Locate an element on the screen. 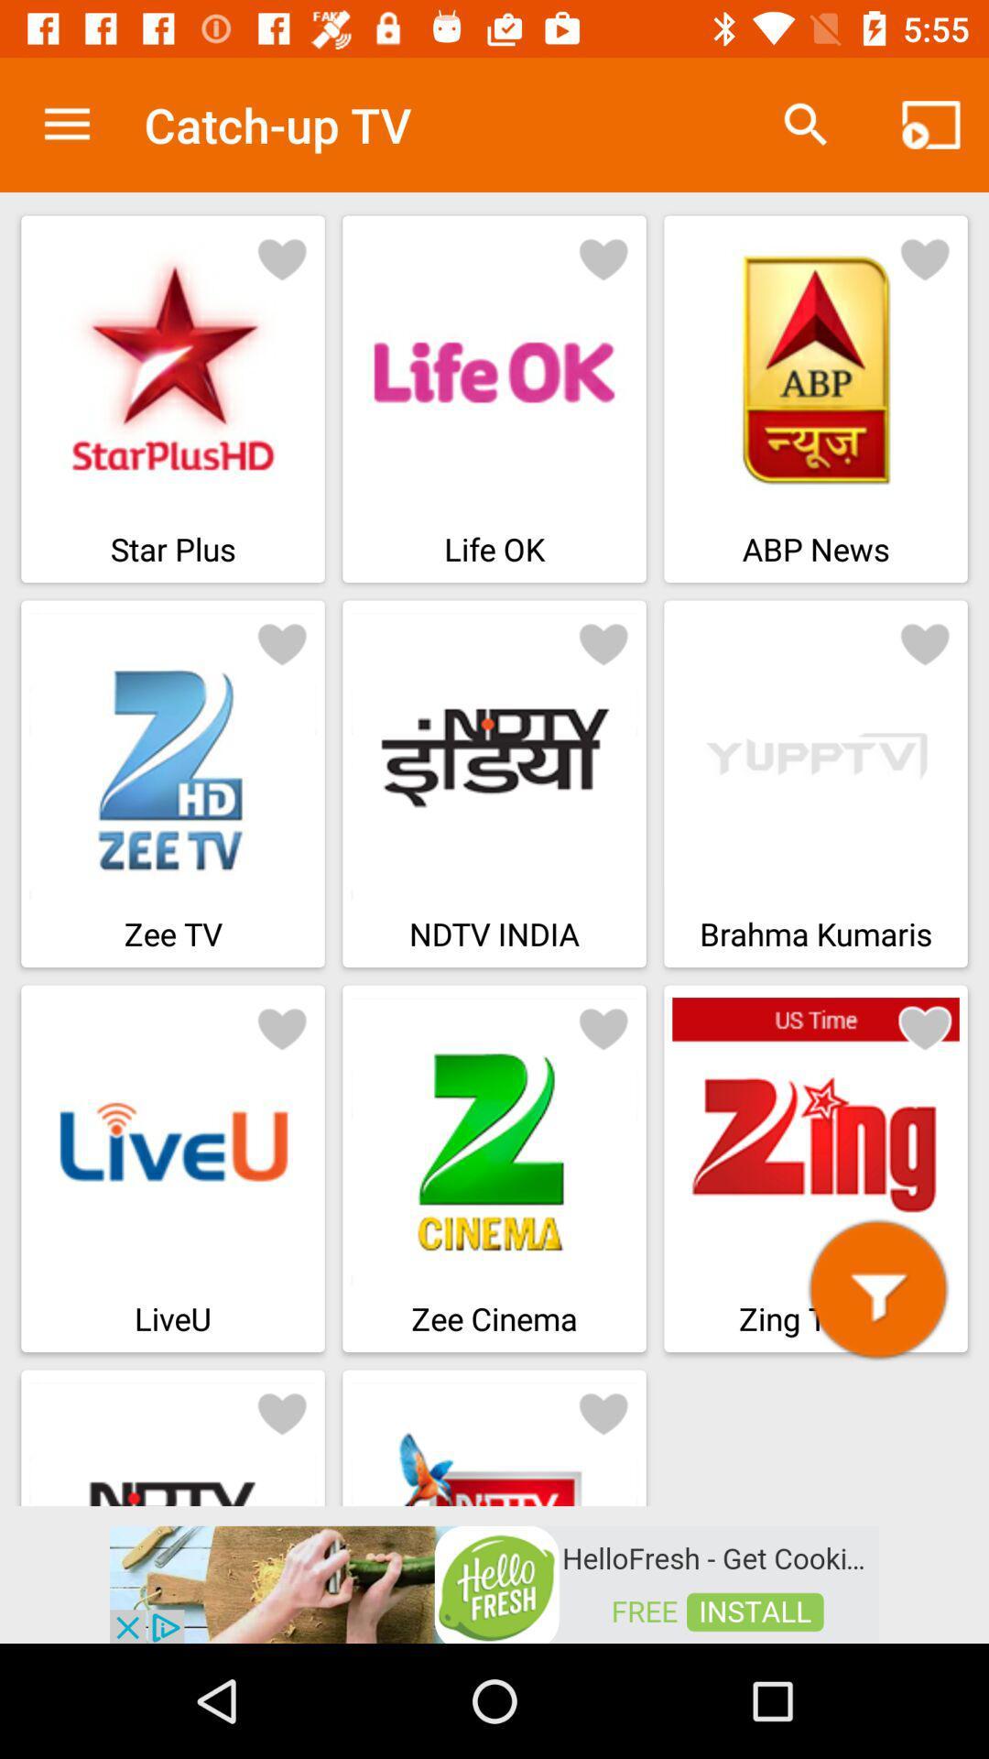 This screenshot has height=1759, width=989. like is located at coordinates (282, 642).